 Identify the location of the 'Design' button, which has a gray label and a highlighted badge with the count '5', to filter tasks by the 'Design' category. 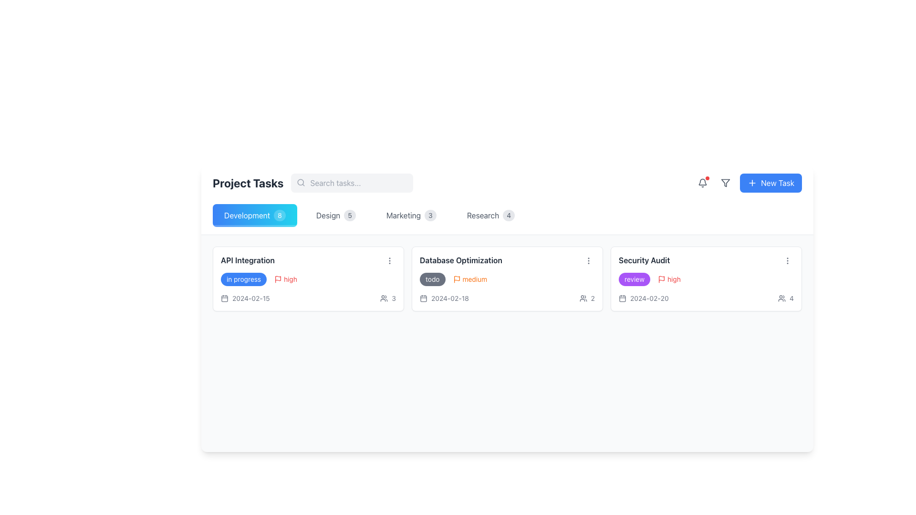
(336, 215).